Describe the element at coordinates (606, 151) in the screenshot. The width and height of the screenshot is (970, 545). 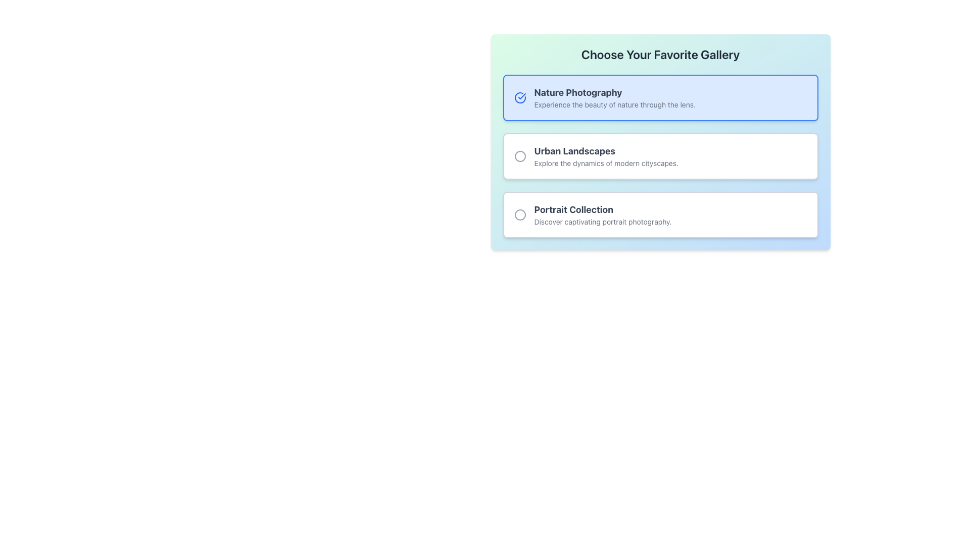
I see `title text of the card labeled 'Urban Landscapes', which is positioned at the top of the second card in a vertically stacked list` at that location.